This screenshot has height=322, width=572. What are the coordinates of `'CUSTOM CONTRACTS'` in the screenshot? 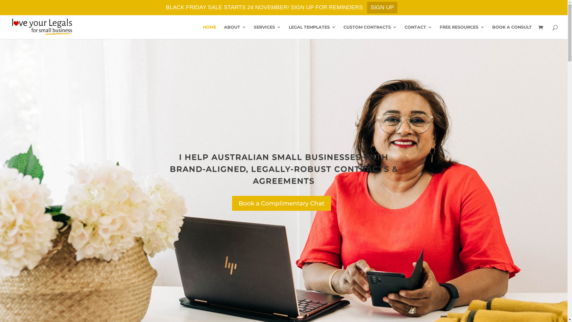 It's located at (343, 32).